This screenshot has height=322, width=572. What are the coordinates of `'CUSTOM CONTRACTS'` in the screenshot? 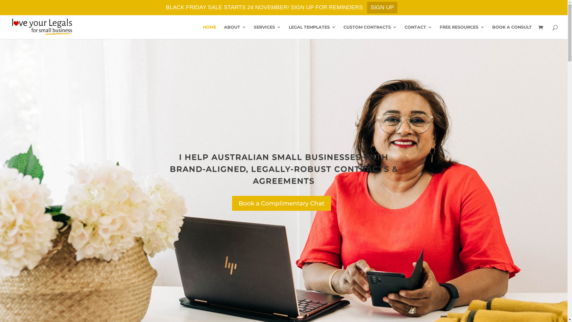 It's located at (343, 32).